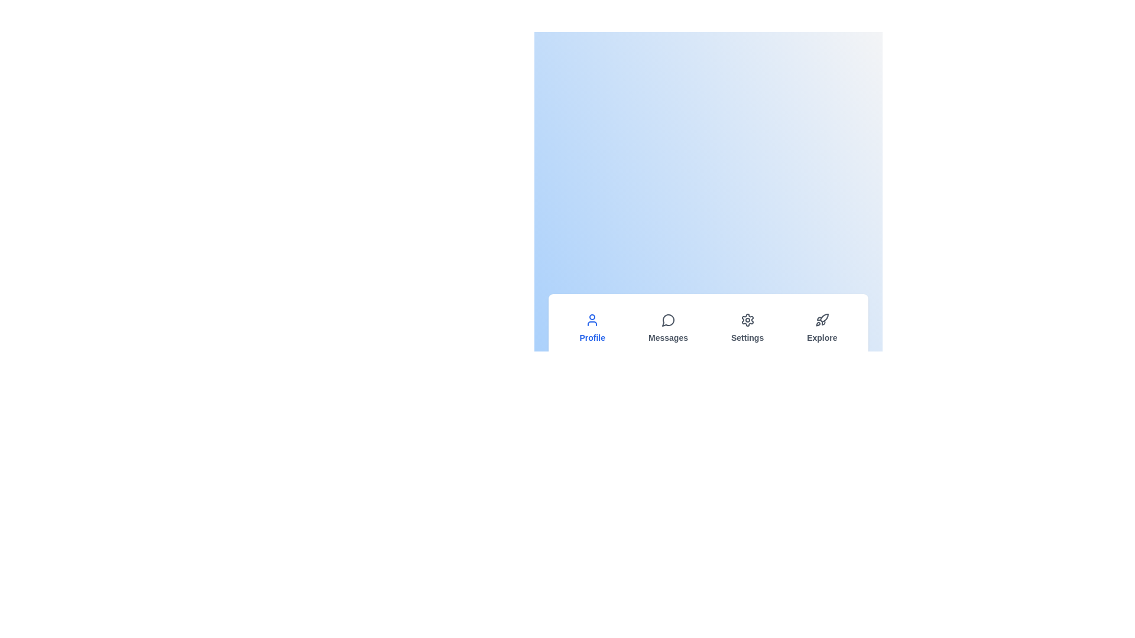  I want to click on the tab labeled Explore to observe the hover effect, so click(821, 328).